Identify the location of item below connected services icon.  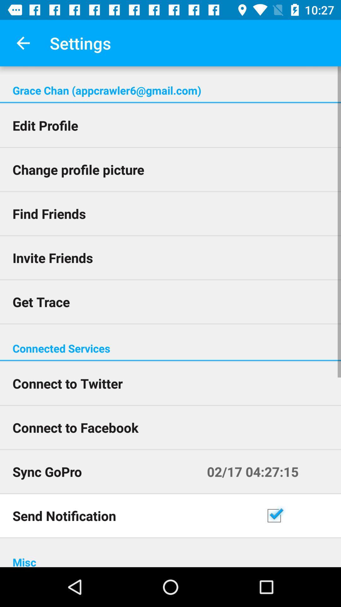
(170, 360).